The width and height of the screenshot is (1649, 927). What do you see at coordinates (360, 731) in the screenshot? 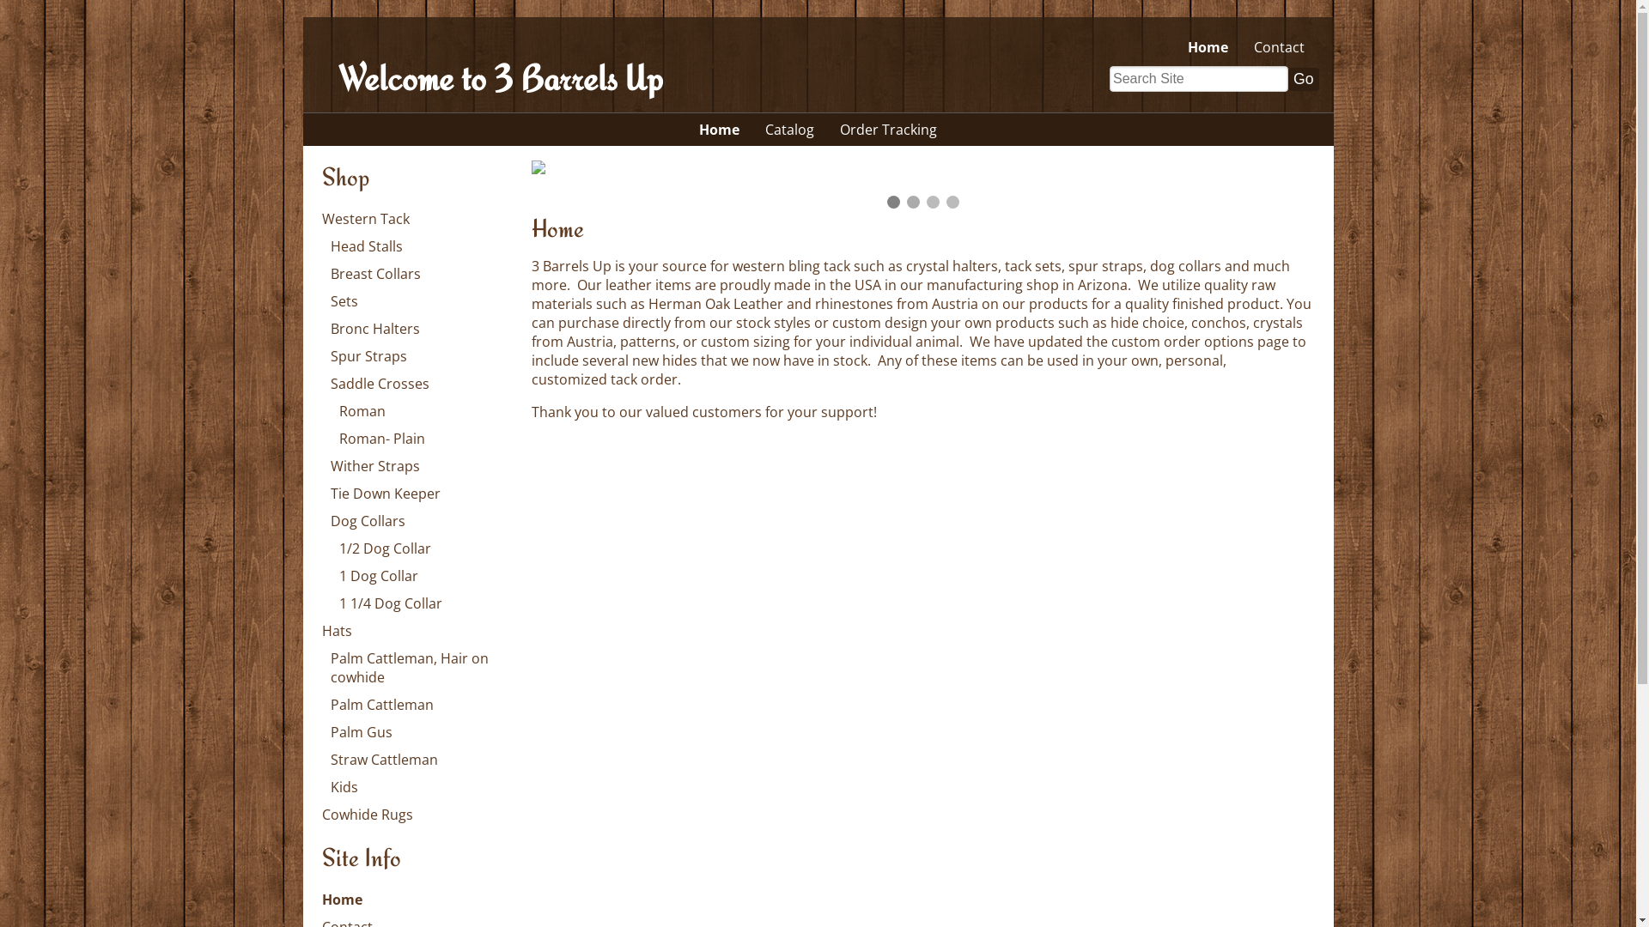
I see `'Palm Gus'` at bounding box center [360, 731].